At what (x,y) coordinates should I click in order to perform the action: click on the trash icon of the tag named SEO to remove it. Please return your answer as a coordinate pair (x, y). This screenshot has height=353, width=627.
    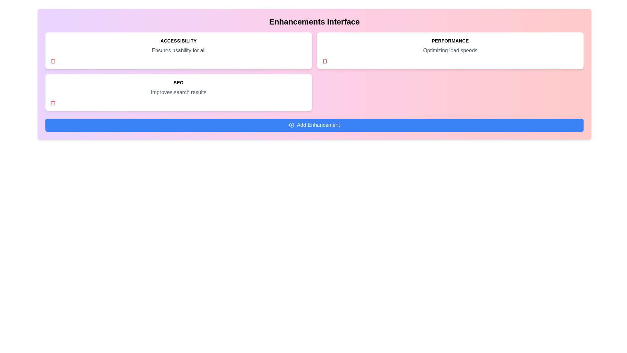
    Looking at the image, I should click on (53, 103).